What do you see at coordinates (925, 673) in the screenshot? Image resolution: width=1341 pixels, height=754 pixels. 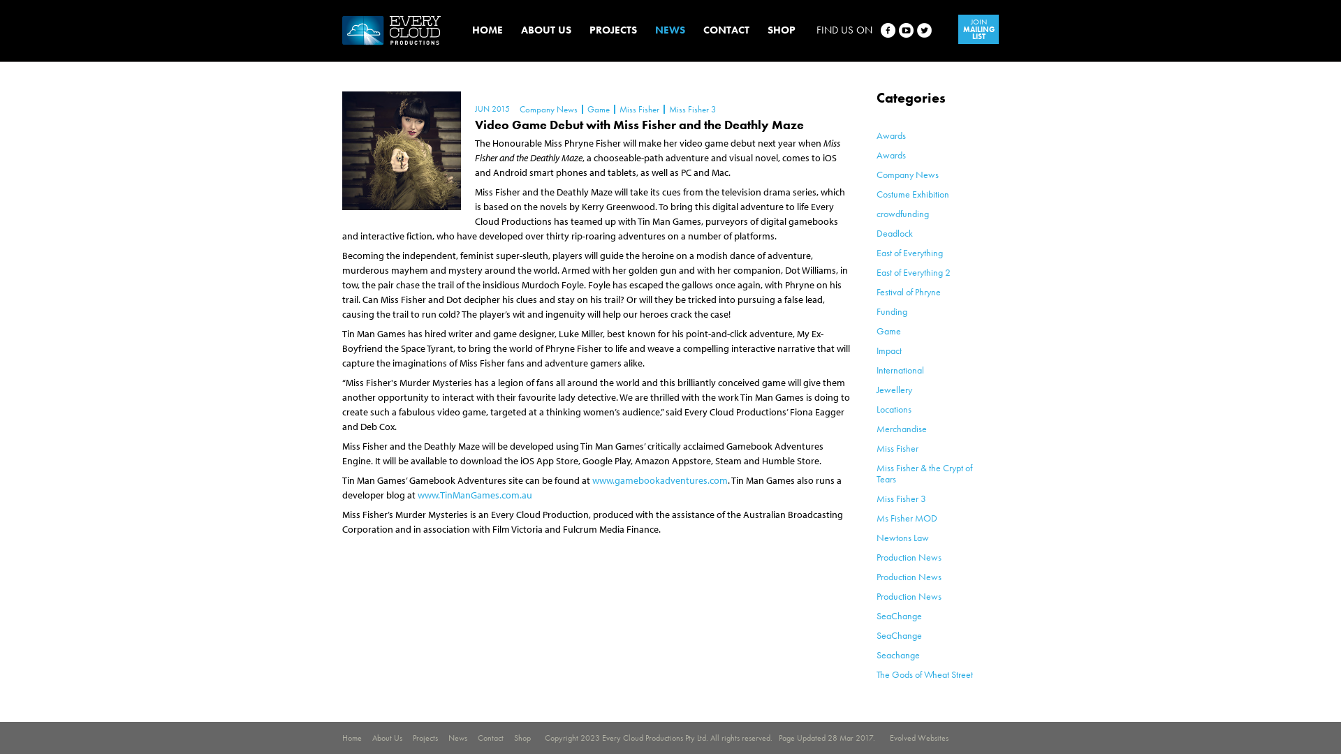 I see `'The Gods of Wheat Street'` at bounding box center [925, 673].